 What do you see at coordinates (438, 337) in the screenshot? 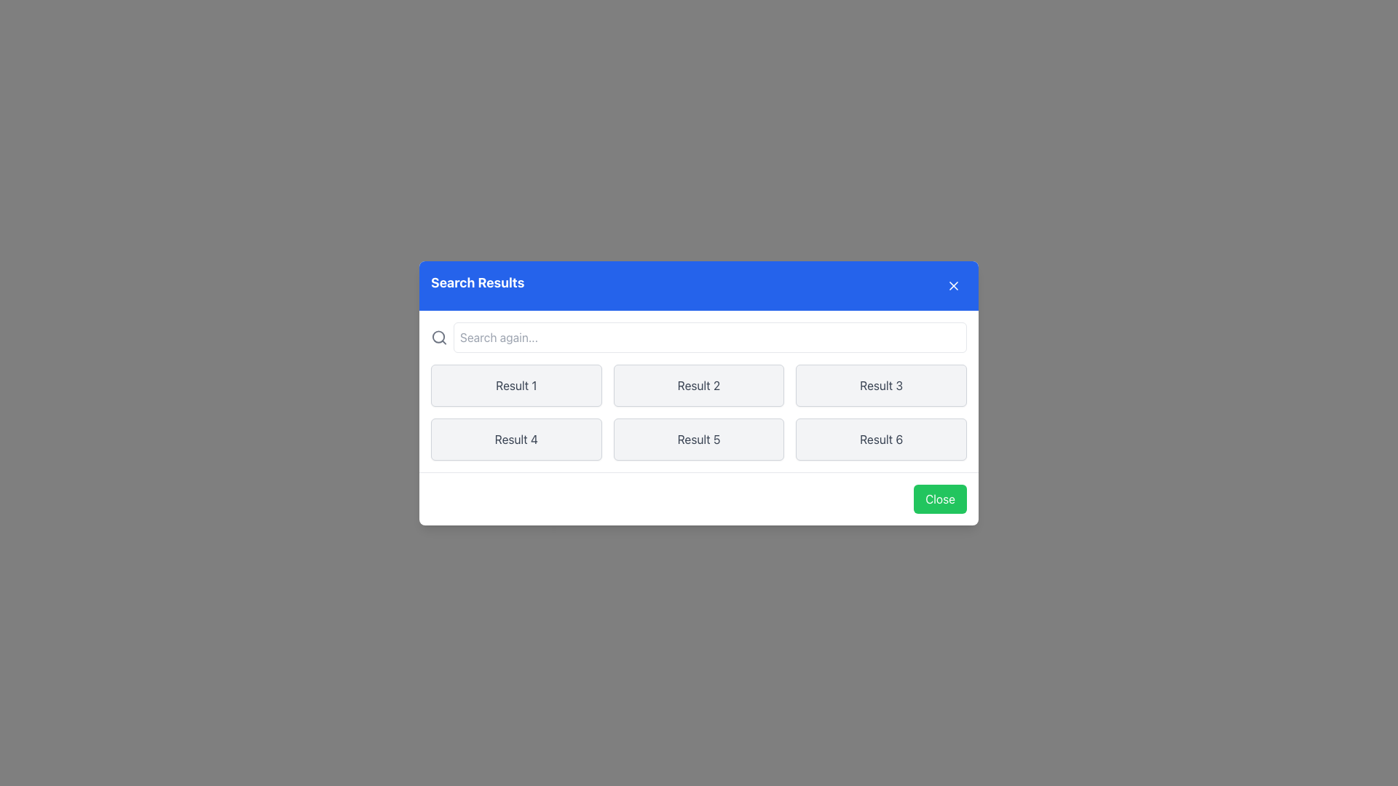
I see `the gray search icon resembling a magnifying glass, which is positioned to the far-left of the search input field` at bounding box center [438, 337].